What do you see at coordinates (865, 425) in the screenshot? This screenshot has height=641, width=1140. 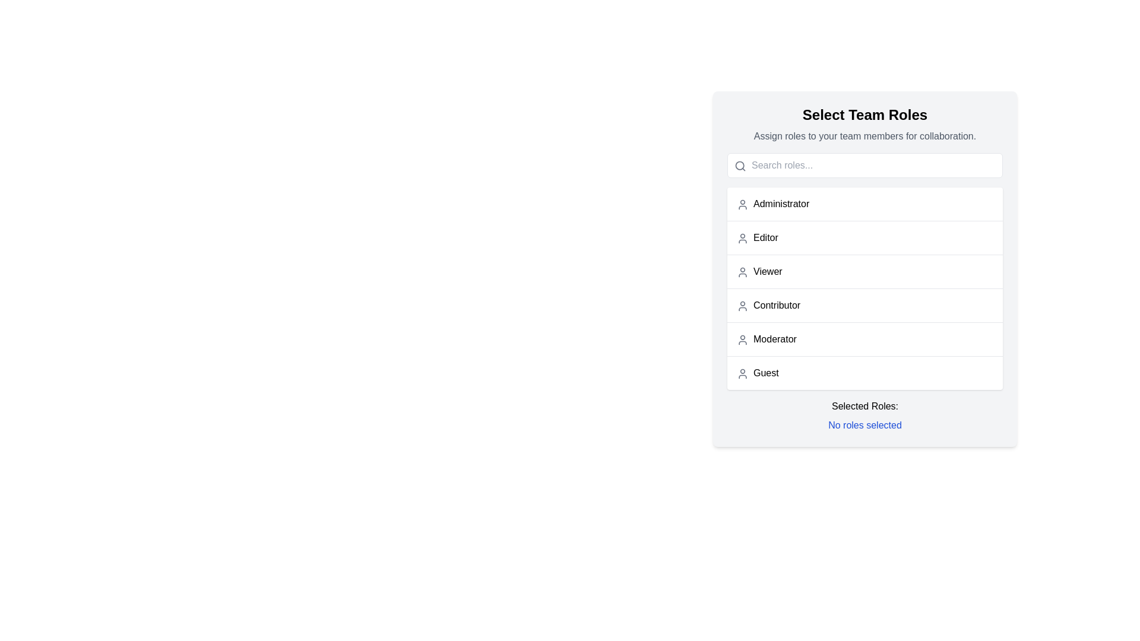 I see `the text label displaying 'No roles selected', which is styled in blue and located directly below 'Selected Roles:' in the role selection section` at bounding box center [865, 425].